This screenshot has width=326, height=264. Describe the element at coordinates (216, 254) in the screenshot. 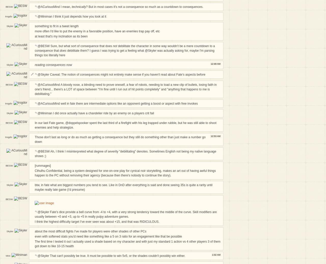

I see `'1:02 AM'` at that location.